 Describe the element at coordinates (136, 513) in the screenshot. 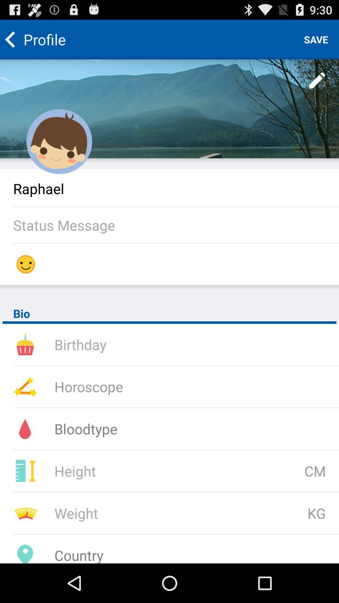

I see `you current weight` at that location.